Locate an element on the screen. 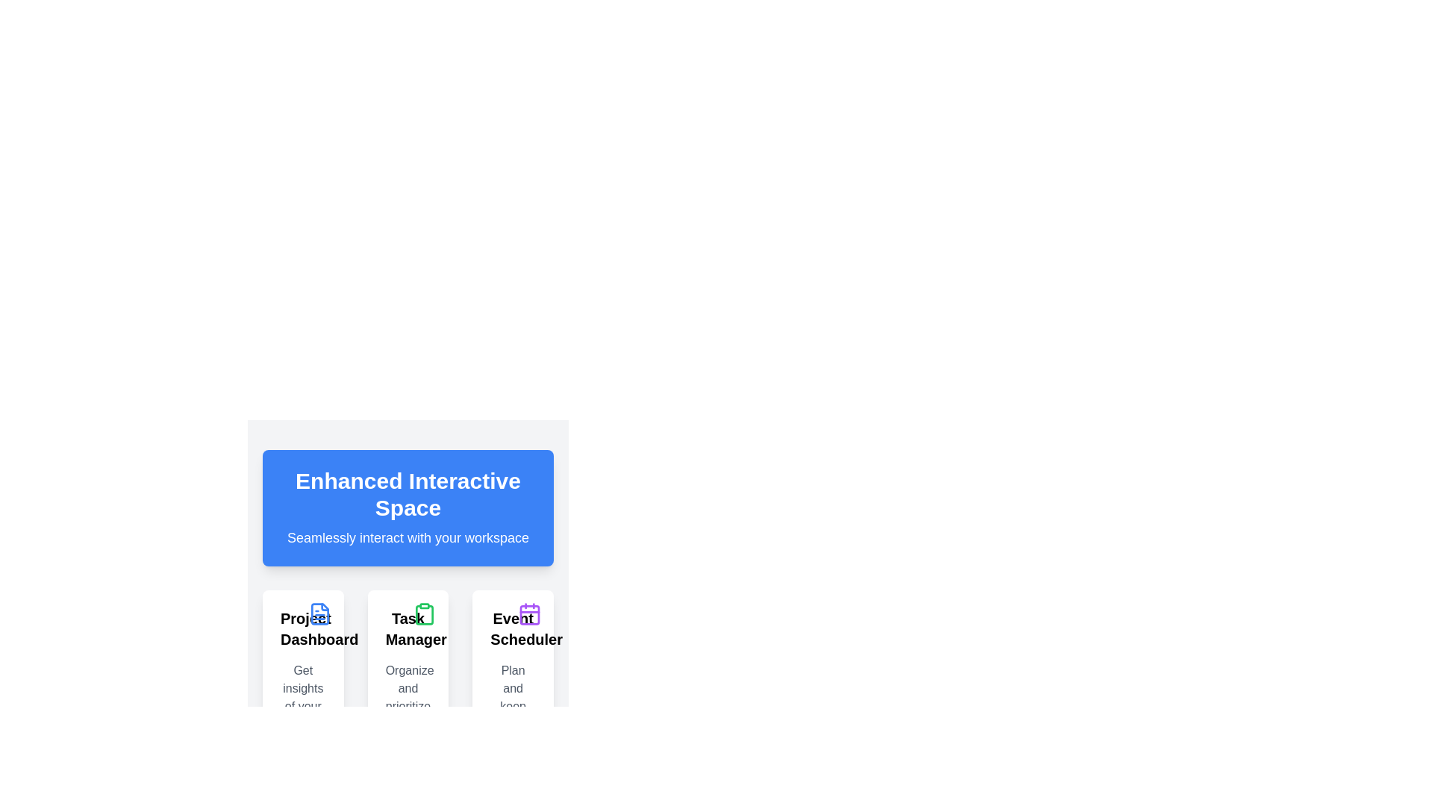 This screenshot has width=1433, height=806. the SVG rectangle component that resembles a calendar's visual grid in the 'Event Scheduler' section is located at coordinates (530, 615).